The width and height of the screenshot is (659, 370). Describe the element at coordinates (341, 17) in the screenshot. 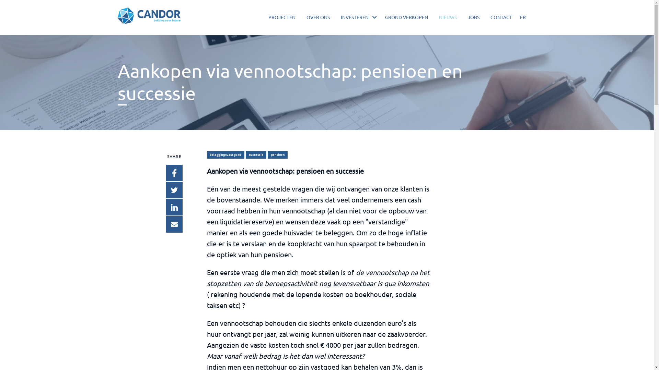

I see `'INVESTEREN'` at that location.